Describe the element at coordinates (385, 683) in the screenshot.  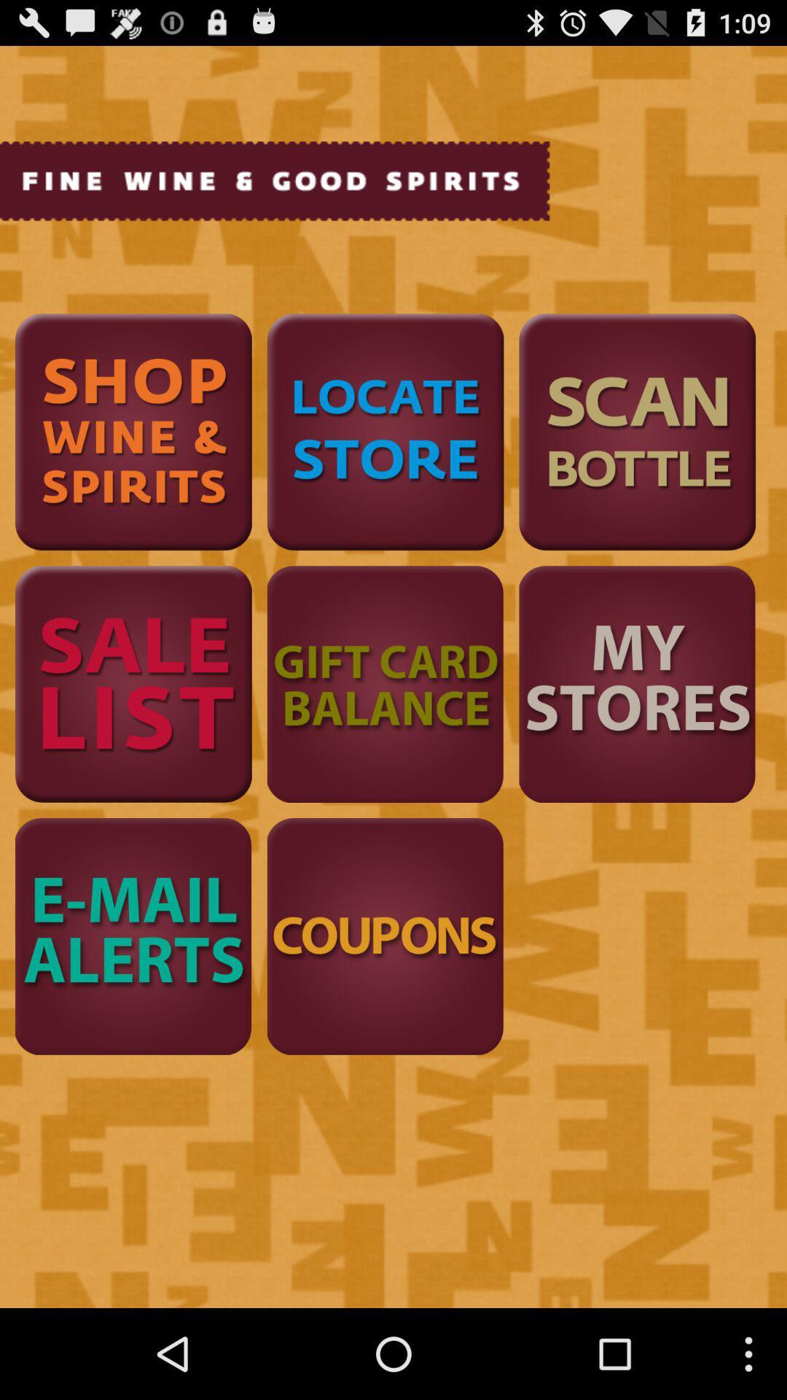
I see `gift card balance` at that location.